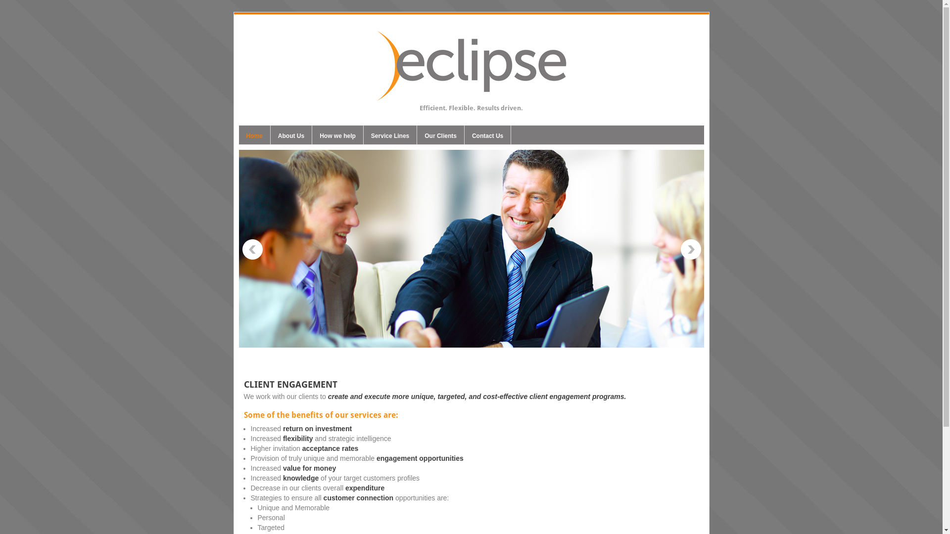 This screenshot has height=534, width=950. Describe the element at coordinates (337, 137) in the screenshot. I see `'How we help'` at that location.